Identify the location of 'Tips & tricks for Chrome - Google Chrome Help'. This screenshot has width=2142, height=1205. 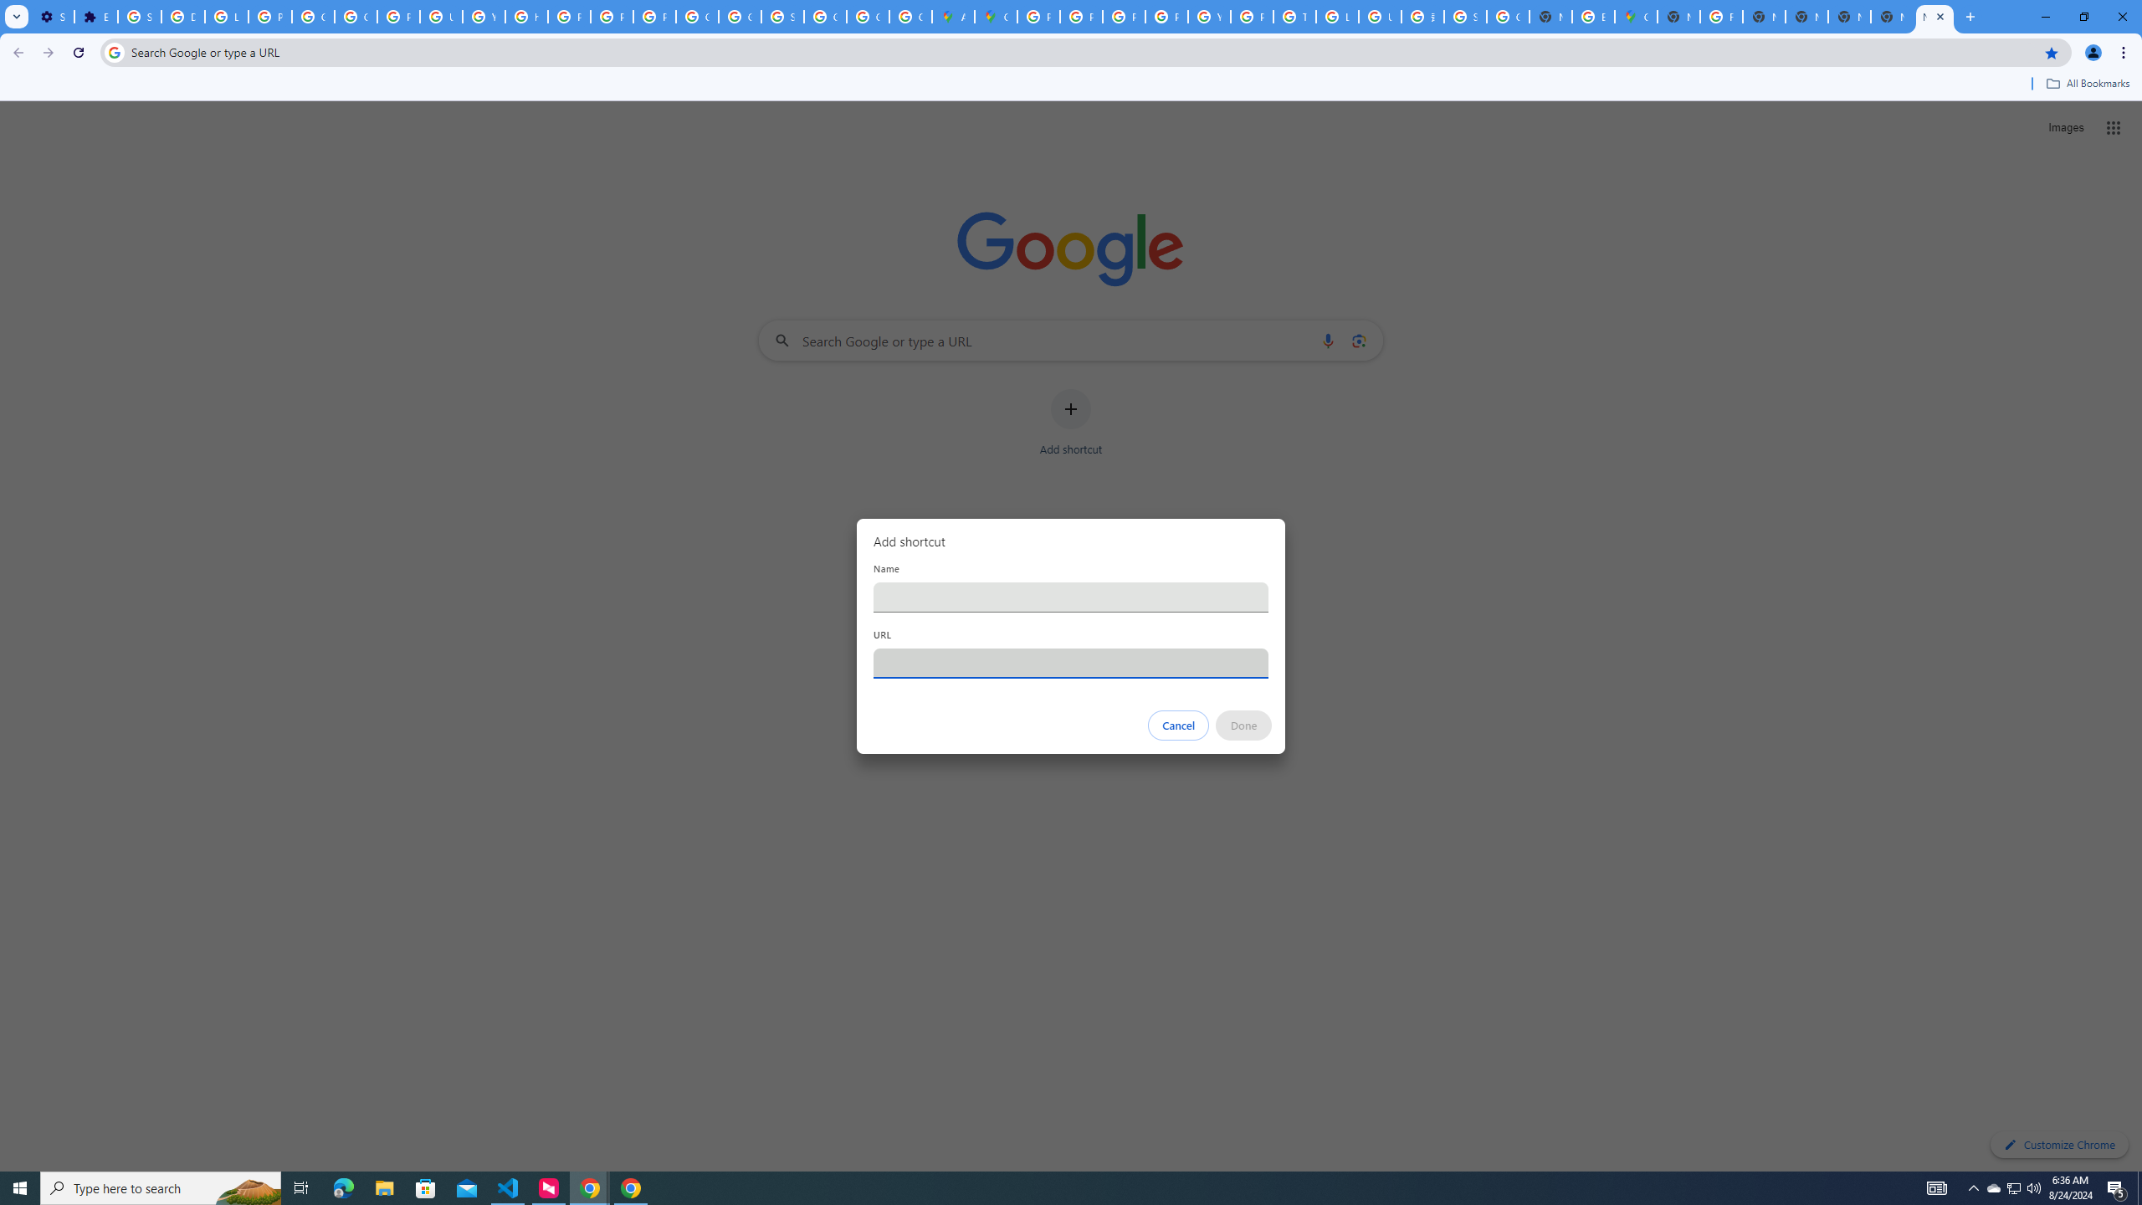
(1294, 16).